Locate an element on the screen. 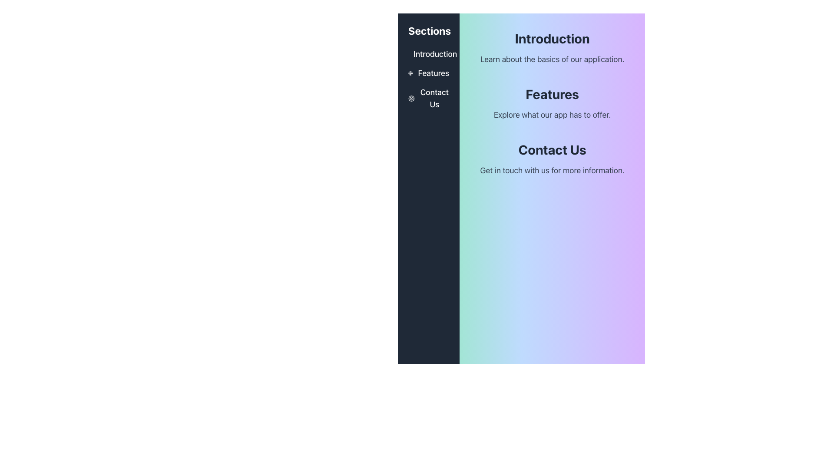 Image resolution: width=834 pixels, height=469 pixels. the second item in the vertical list of navigational options in the left sidebar, labeled 'Features' is located at coordinates (429, 79).